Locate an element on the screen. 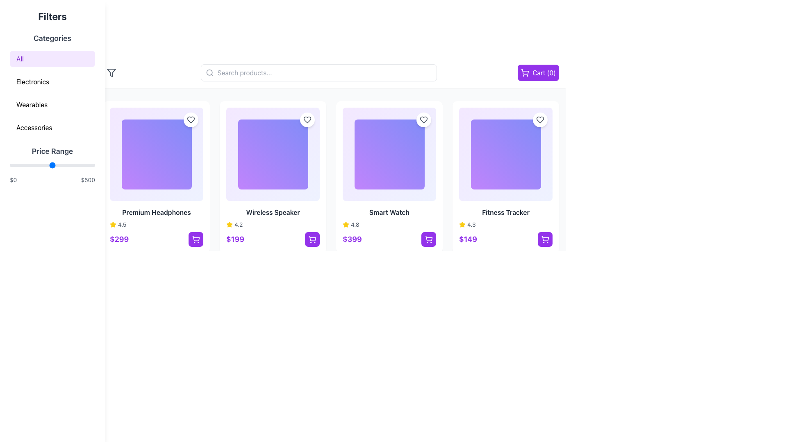 Image resolution: width=787 pixels, height=442 pixels. the square button with a vibrant purple background and a white shopping cart icon is located at coordinates (196, 239).